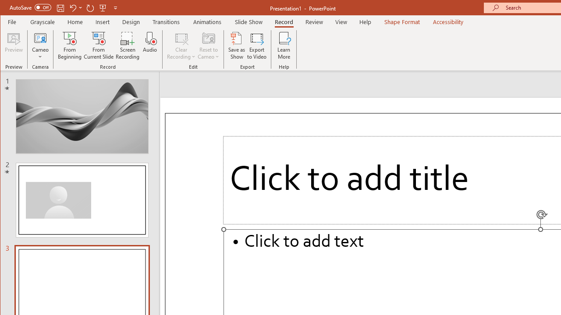 This screenshot has height=315, width=561. Describe the element at coordinates (365, 21) in the screenshot. I see `'Help'` at that location.